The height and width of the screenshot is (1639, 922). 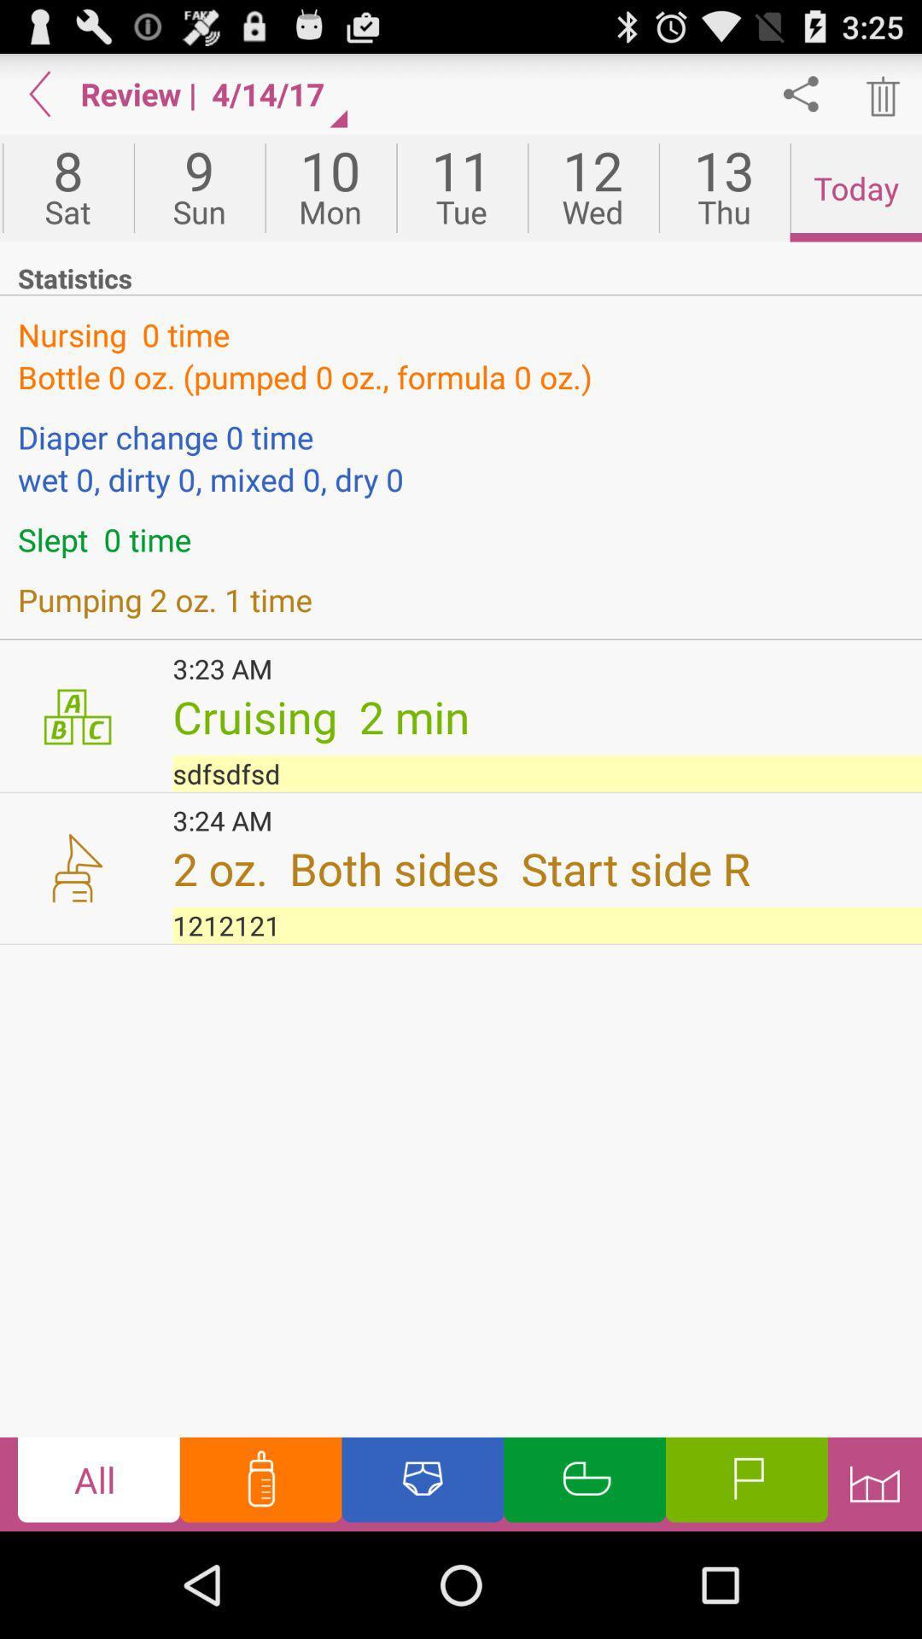 What do you see at coordinates (330, 188) in the screenshot?
I see `item next to 11` at bounding box center [330, 188].